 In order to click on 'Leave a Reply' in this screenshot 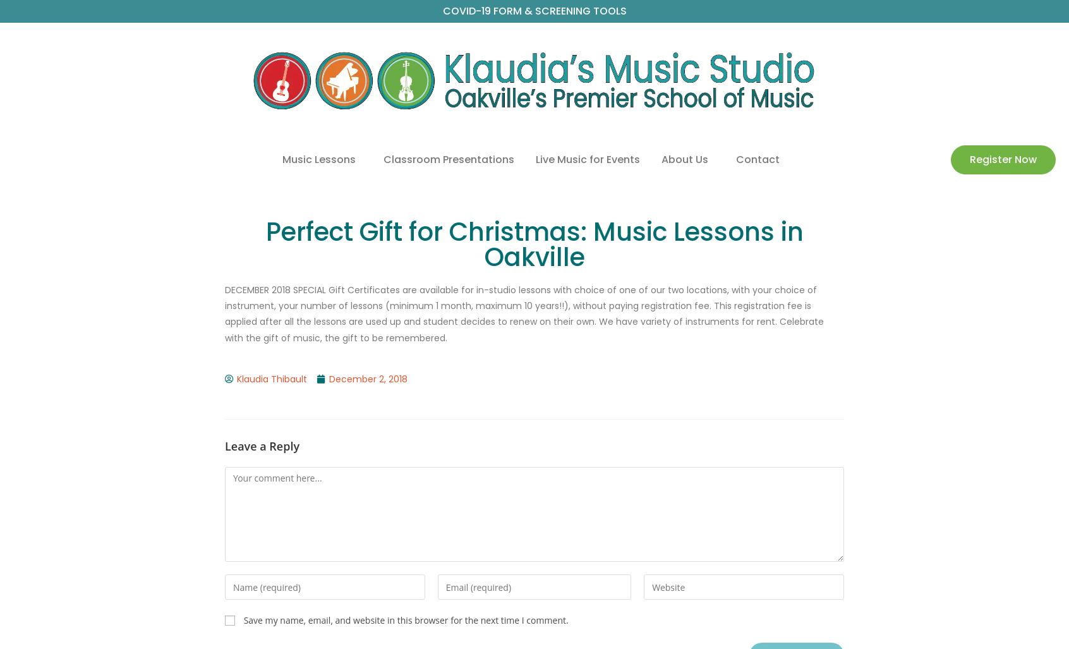, I will do `click(262, 446)`.